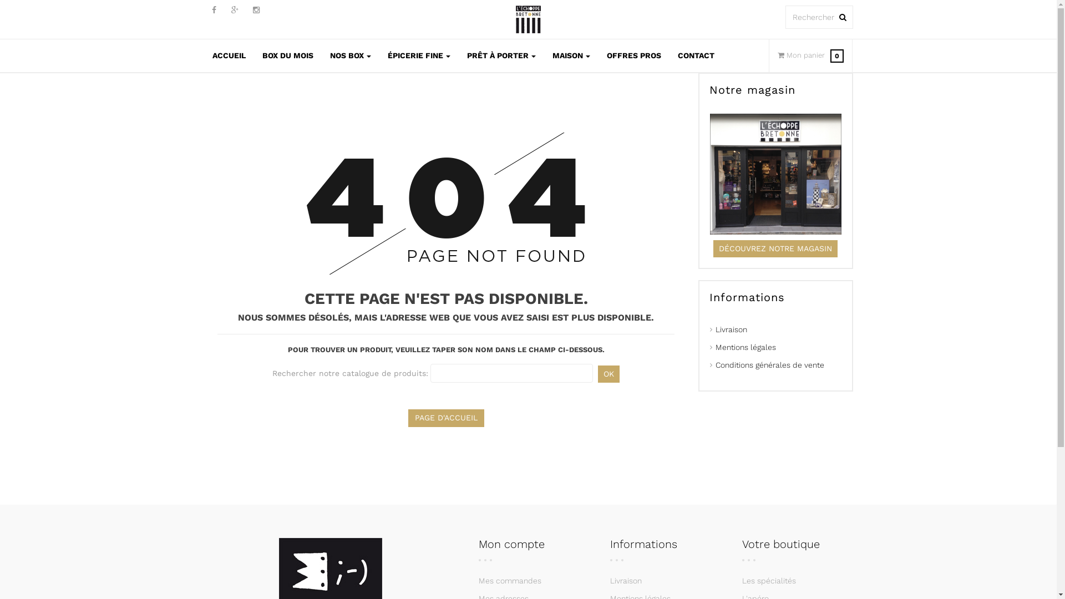 The height and width of the screenshot is (599, 1065). Describe the element at coordinates (509, 580) in the screenshot. I see `'Mes commandes'` at that location.